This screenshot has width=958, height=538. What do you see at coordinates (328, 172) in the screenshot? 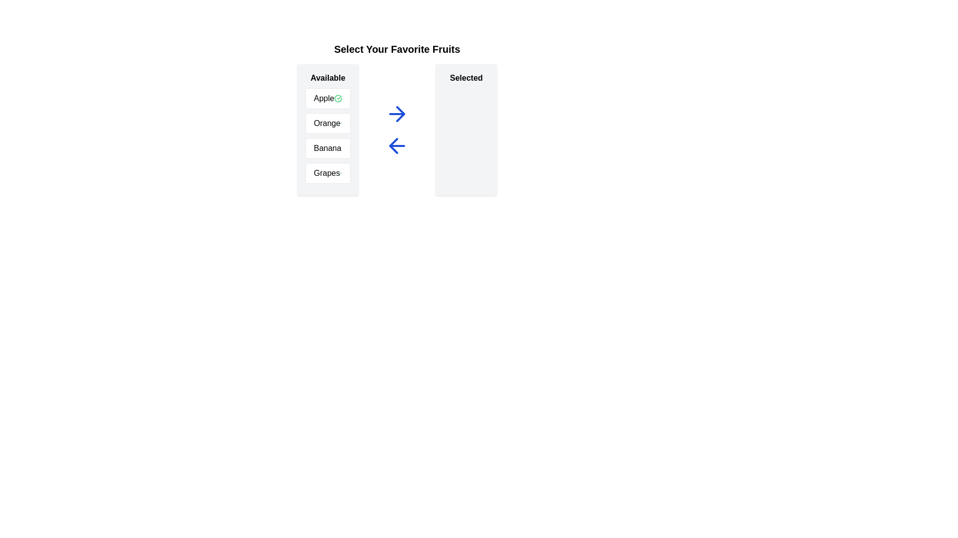
I see `the text of the selected item Grapes` at bounding box center [328, 172].